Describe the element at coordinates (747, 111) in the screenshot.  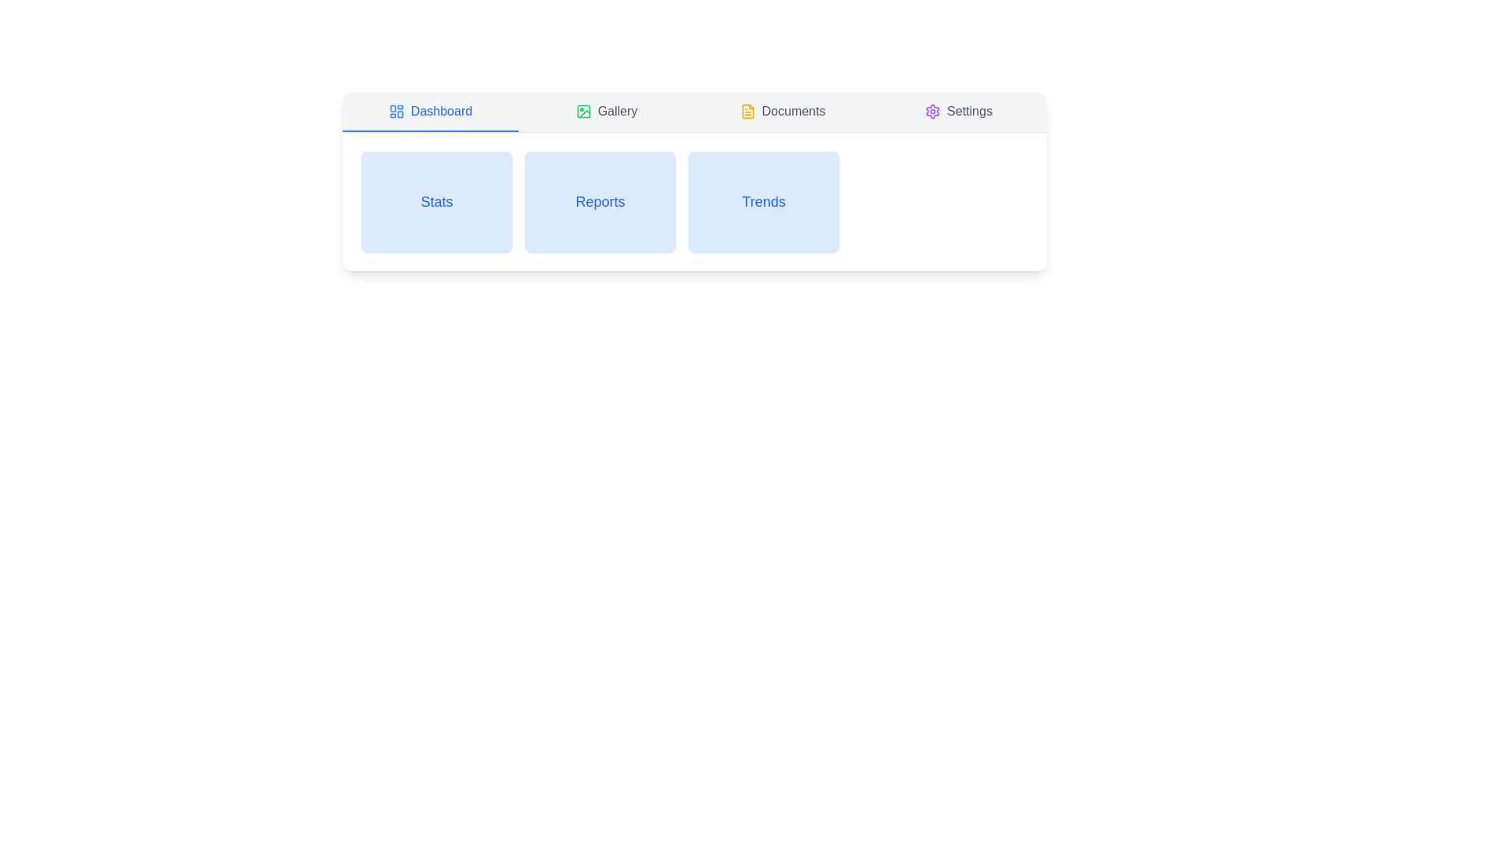
I see `the 'Documents' icon located in the navigation bar, which is the third icon from the left` at that location.